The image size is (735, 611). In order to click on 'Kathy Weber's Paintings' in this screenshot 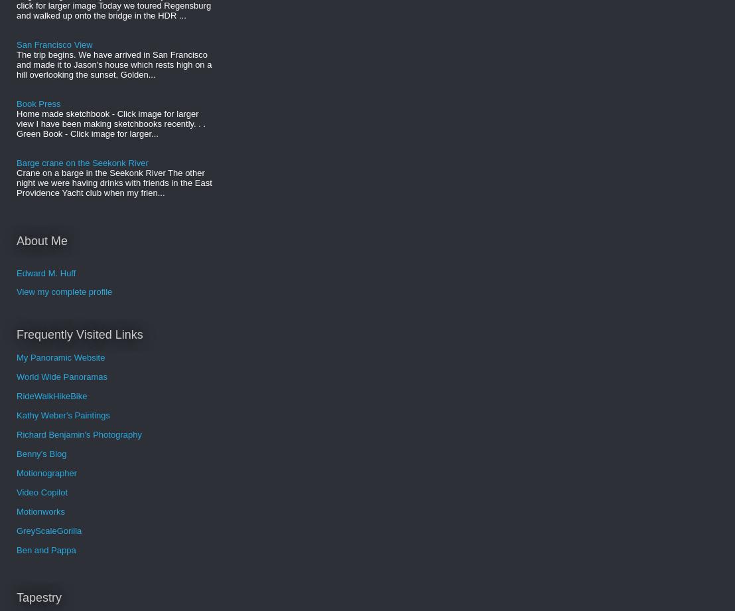, I will do `click(17, 414)`.